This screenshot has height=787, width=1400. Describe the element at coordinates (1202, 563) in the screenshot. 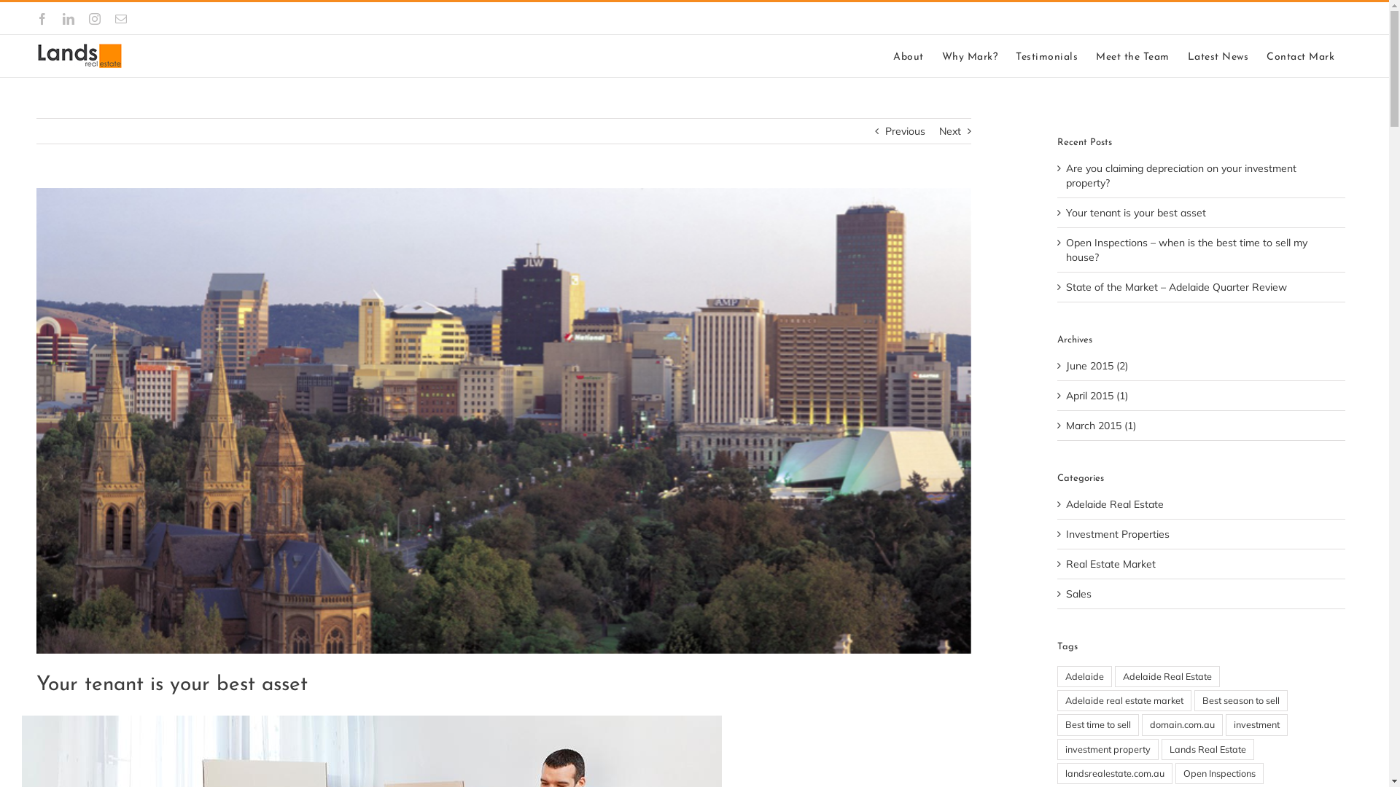

I see `'Real Estate Market'` at that location.